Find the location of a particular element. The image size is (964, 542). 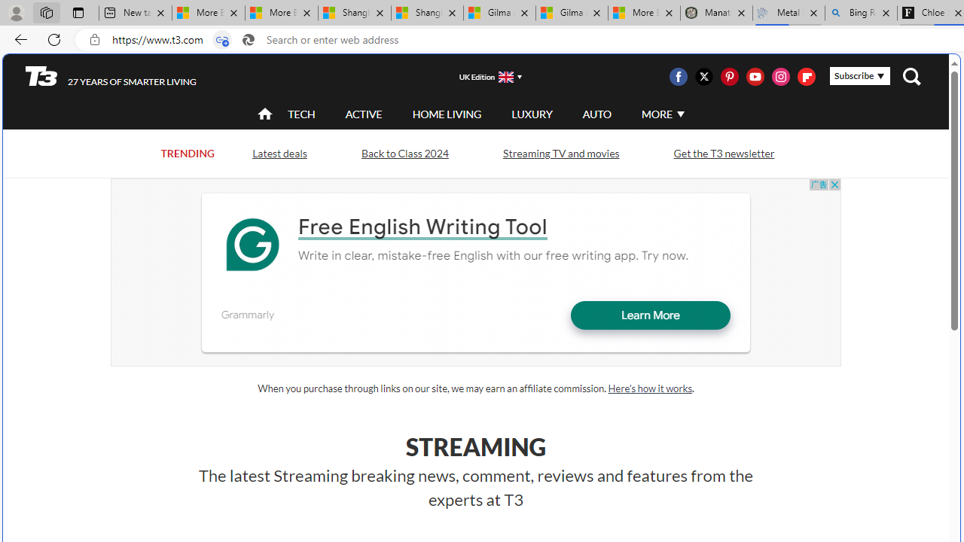

'Visit us on Twitter' is located at coordinates (703, 76).